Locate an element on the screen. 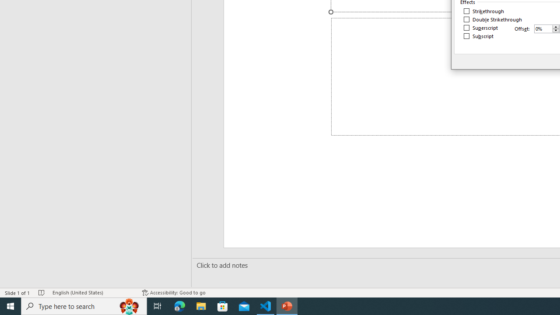 Image resolution: width=560 pixels, height=315 pixels. 'Visual Studio Code - 1 running window' is located at coordinates (265, 305).